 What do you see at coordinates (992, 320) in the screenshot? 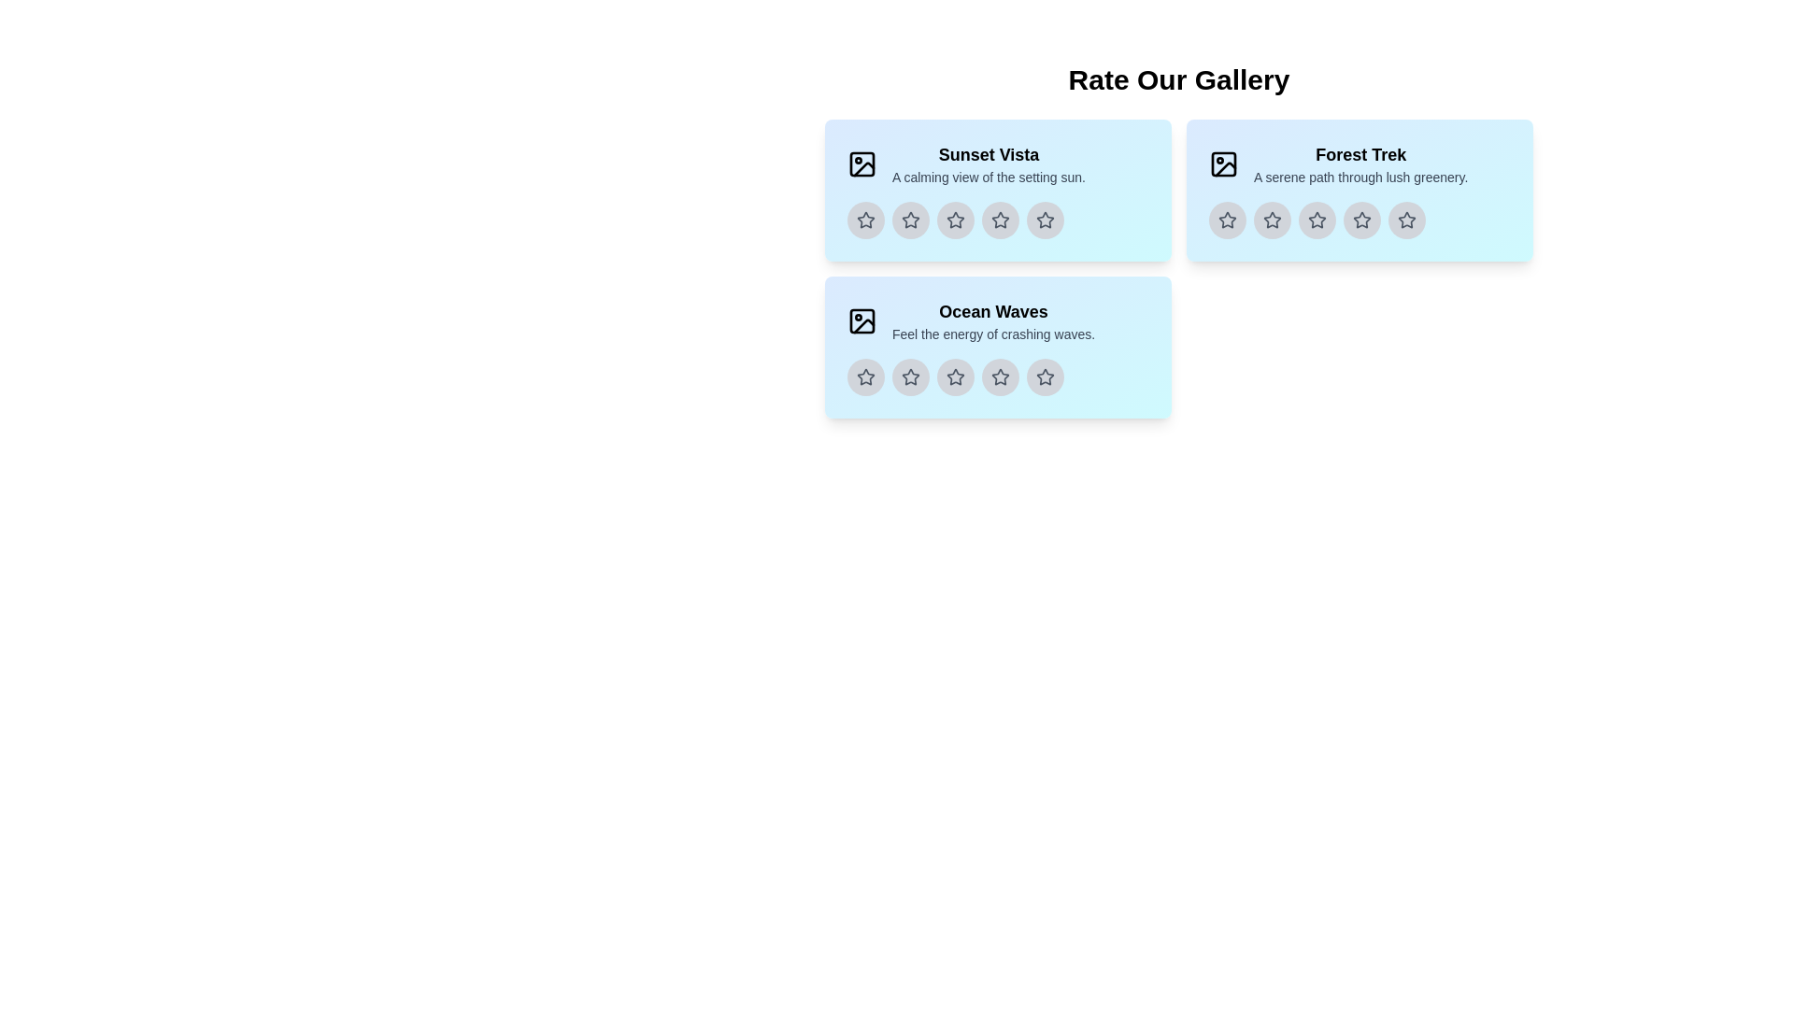
I see `the text block containing 'Ocean Waves' and 'Feel the energy of crashing waves' to trigger any potential interactive effects` at bounding box center [992, 320].